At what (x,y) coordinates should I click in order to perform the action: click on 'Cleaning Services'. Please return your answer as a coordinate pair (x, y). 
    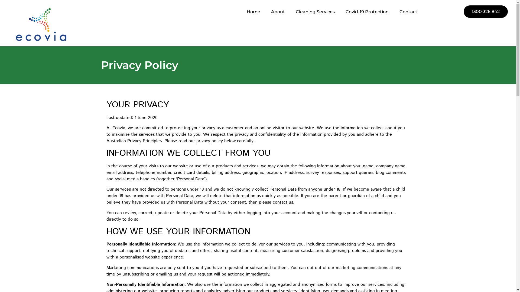
    Looking at the image, I should click on (315, 12).